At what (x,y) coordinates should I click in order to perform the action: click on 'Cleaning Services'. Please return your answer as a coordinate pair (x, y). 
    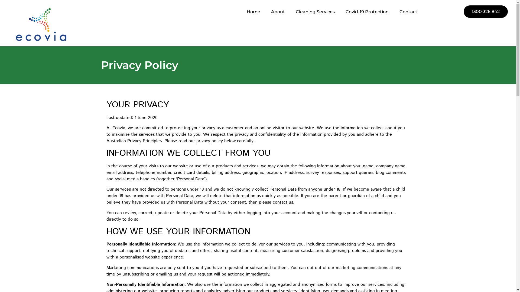
    Looking at the image, I should click on (315, 12).